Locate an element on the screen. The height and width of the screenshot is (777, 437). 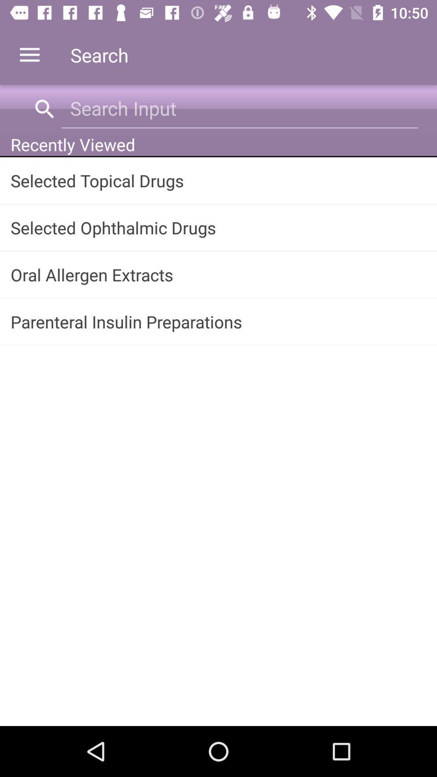
parenteral insulin preparations icon is located at coordinates (218, 321).